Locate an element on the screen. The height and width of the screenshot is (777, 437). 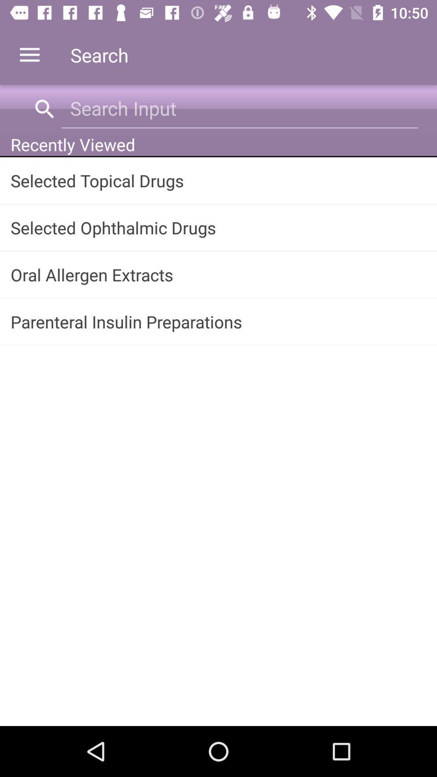
parenteral insulin preparations icon is located at coordinates (218, 321).